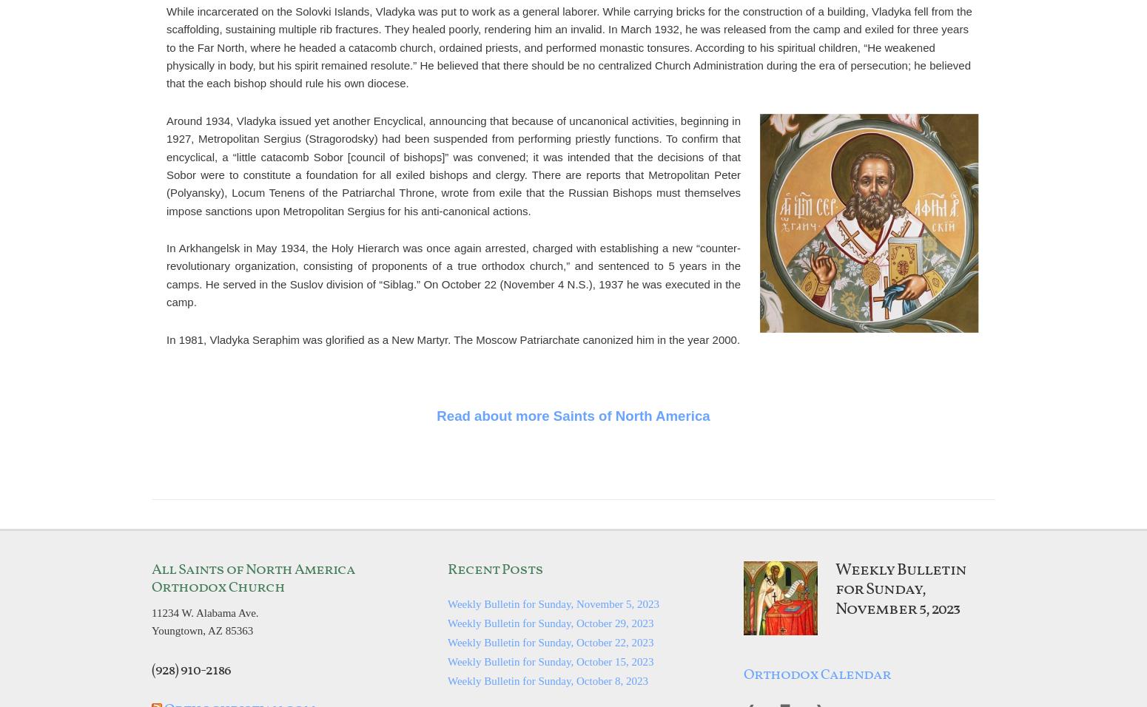  What do you see at coordinates (551, 660) in the screenshot?
I see `'Weekly Bulletin for Sunday, October 15, 2023'` at bounding box center [551, 660].